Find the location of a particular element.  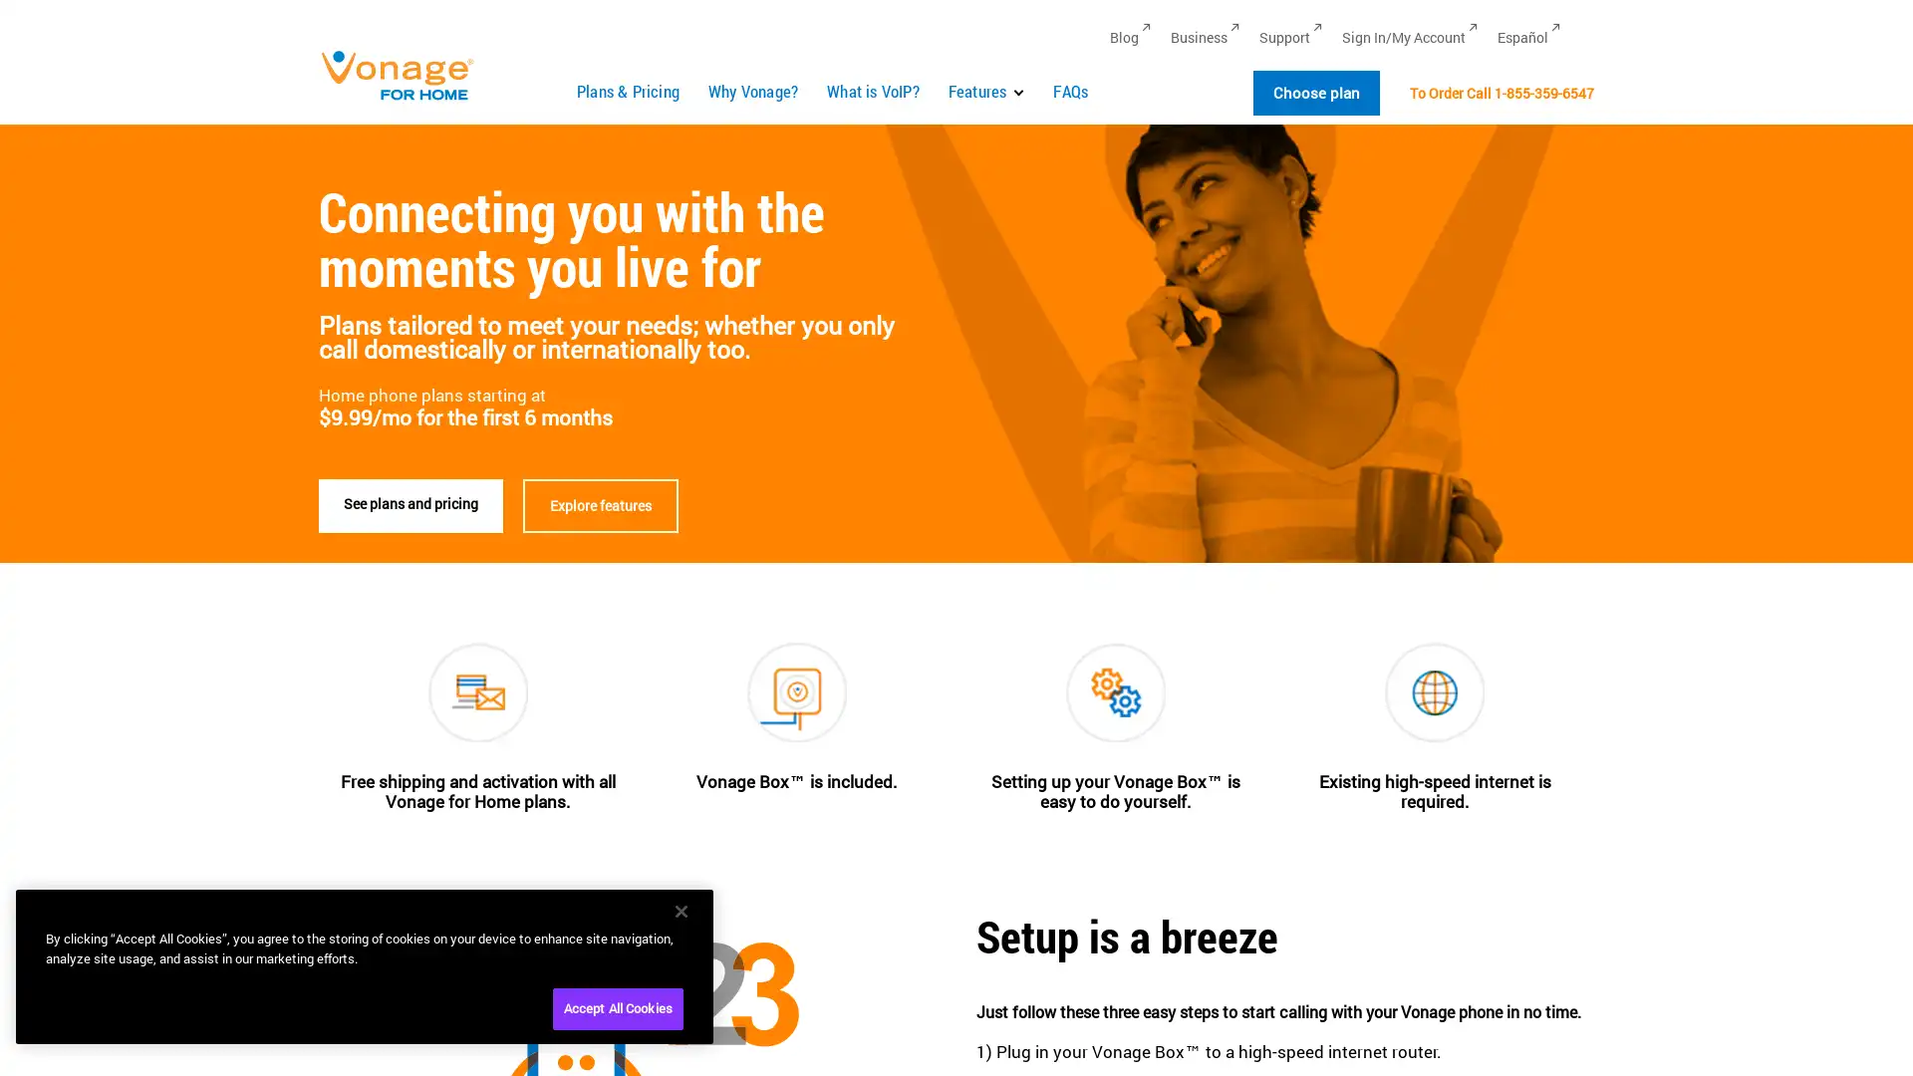

Cookies Settings is located at coordinates (453, 1007).